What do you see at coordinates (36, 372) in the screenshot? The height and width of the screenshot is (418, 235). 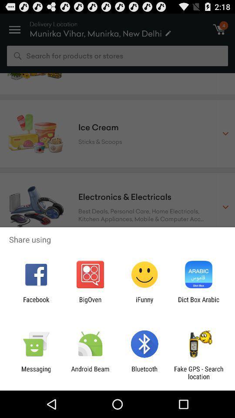 I see `the icon next to the android beam` at bounding box center [36, 372].